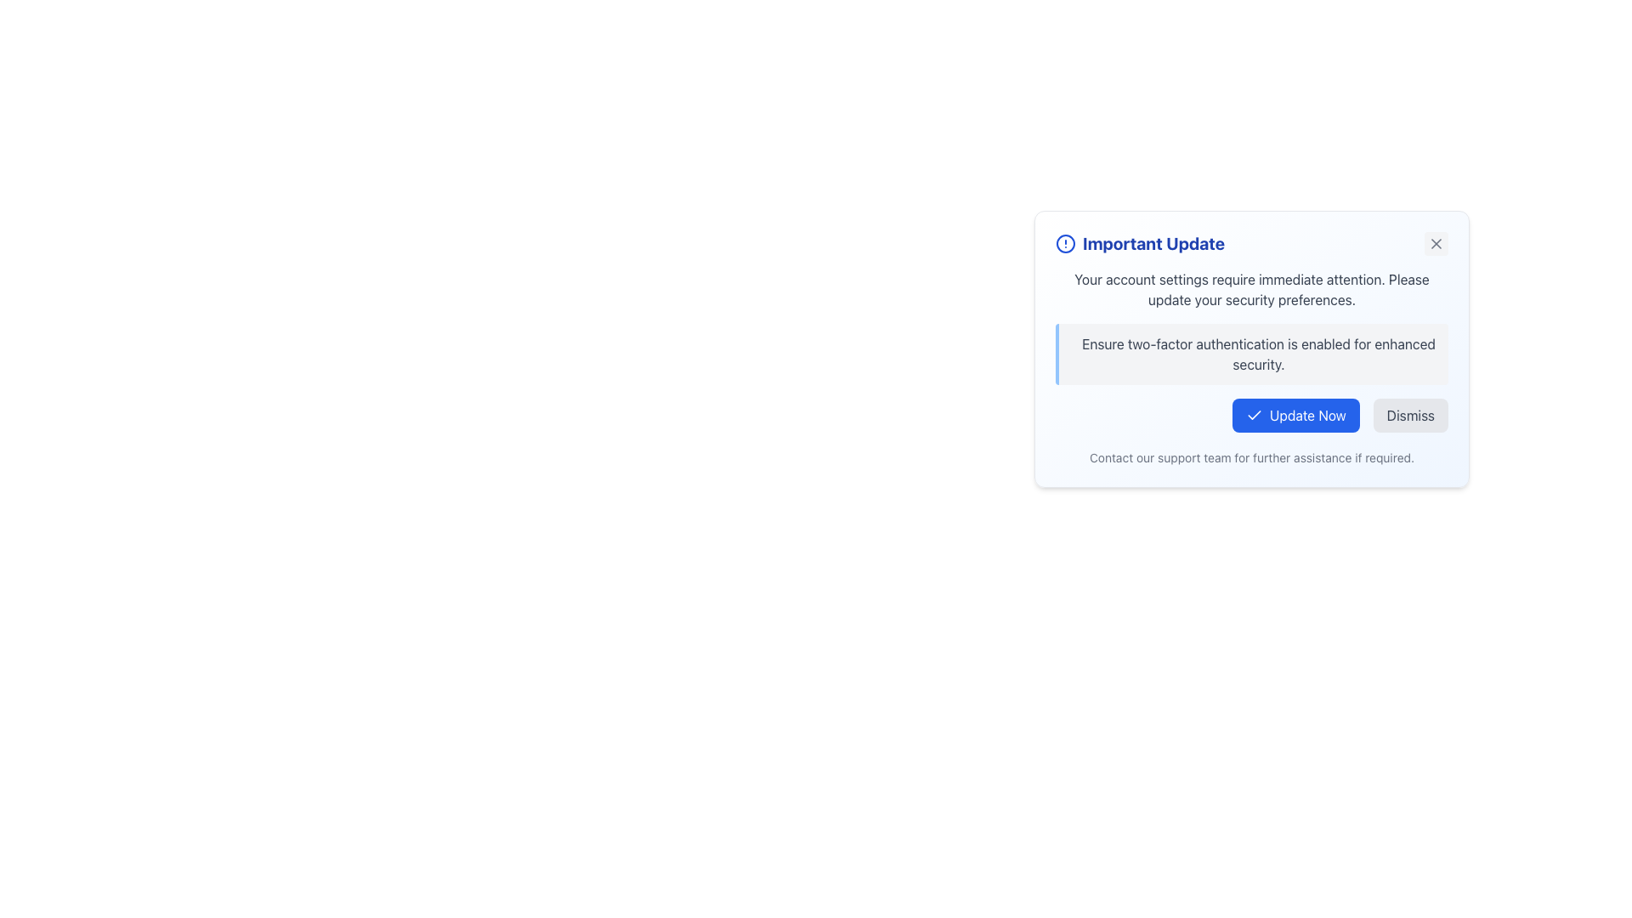  Describe the element at coordinates (1435, 243) in the screenshot. I see `the dismiss or close button located at the top-right corner of the notification dialog, which appears after the text 'Important Update'` at that location.